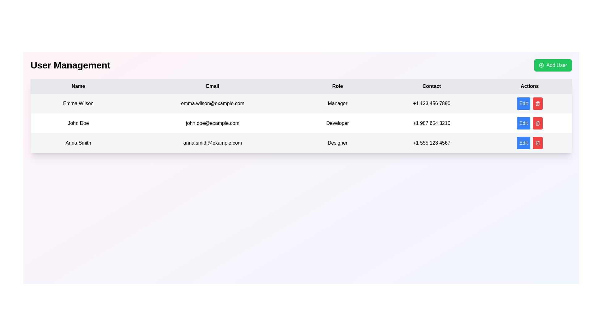 Image resolution: width=593 pixels, height=333 pixels. I want to click on the static text element displaying 'Emma Wilson' in bold black text, located in the first column of the user information row under the 'Name' column, so click(78, 103).